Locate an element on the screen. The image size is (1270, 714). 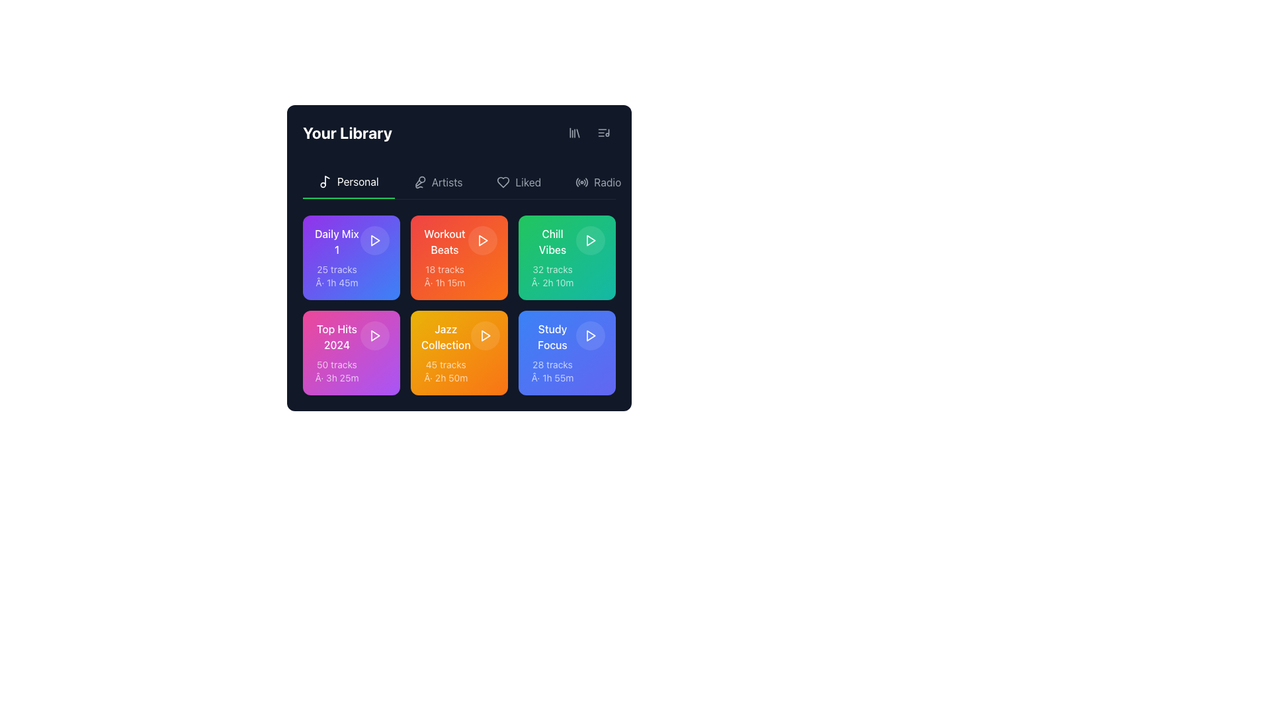
the text displaying the details '32 tracks Â· 2h 10m' located within the 'Chill Vibes' playlist card, which is centered horizontally in the lower region of the card is located at coordinates (552, 275).